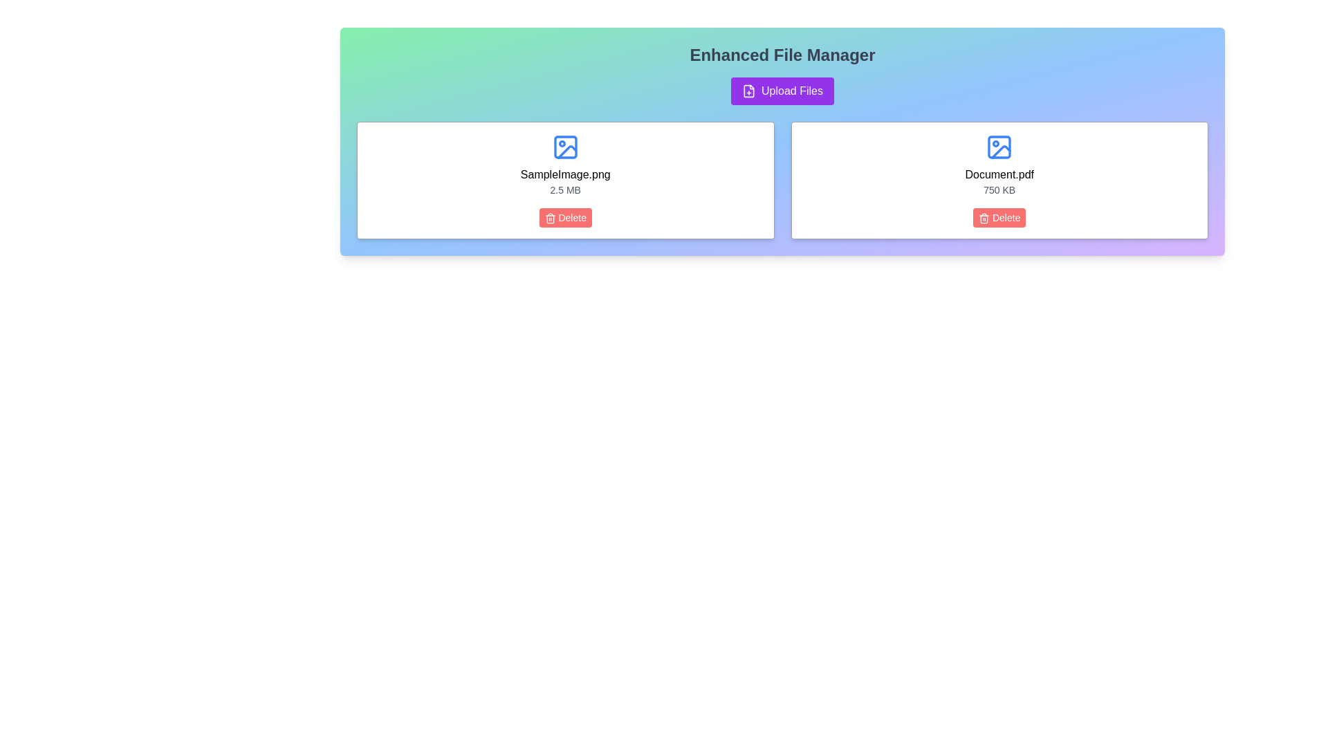 This screenshot has height=747, width=1328. Describe the element at coordinates (565, 190) in the screenshot. I see `the static text label displaying '2.5 MB', which is located below 'SampleImage.png' and above the 'Delete' button` at that location.